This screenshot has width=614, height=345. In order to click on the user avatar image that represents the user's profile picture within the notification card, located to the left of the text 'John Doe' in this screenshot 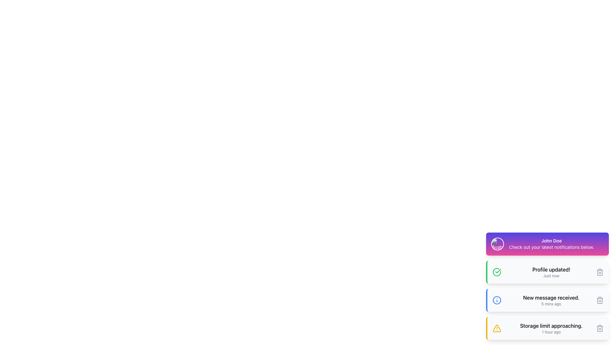, I will do `click(497, 244)`.